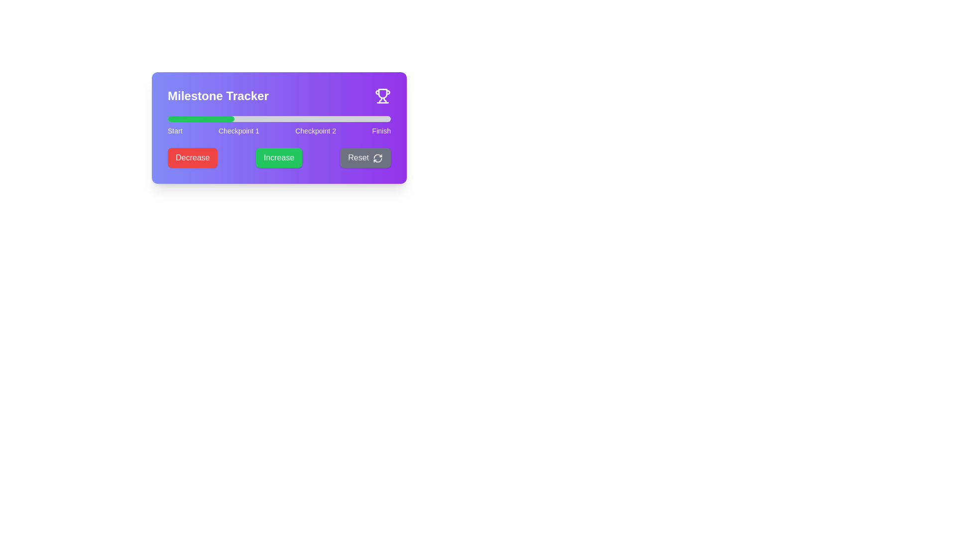 The width and height of the screenshot is (956, 538). Describe the element at coordinates (279, 119) in the screenshot. I see `the horizontally-oriented progress bar with a pale gray rounded background and a green filled section, located centrally within the purple card interface` at that location.